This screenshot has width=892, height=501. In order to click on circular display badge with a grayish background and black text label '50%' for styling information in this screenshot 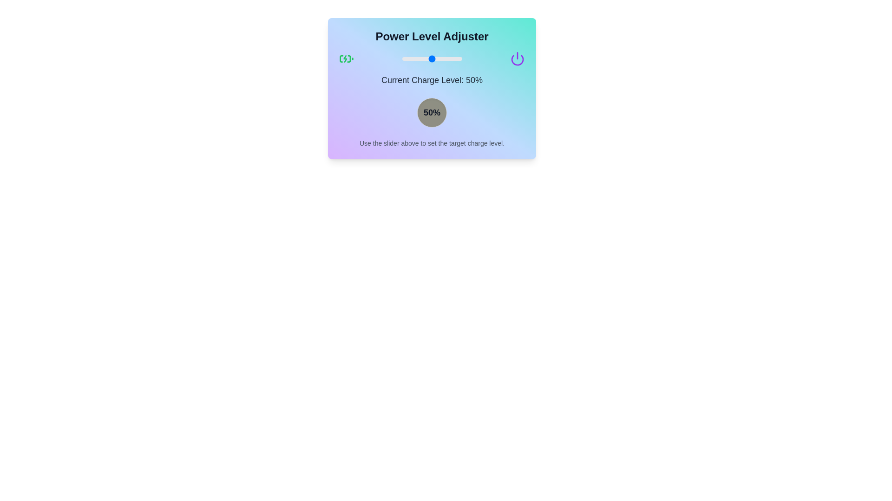, I will do `click(432, 112)`.